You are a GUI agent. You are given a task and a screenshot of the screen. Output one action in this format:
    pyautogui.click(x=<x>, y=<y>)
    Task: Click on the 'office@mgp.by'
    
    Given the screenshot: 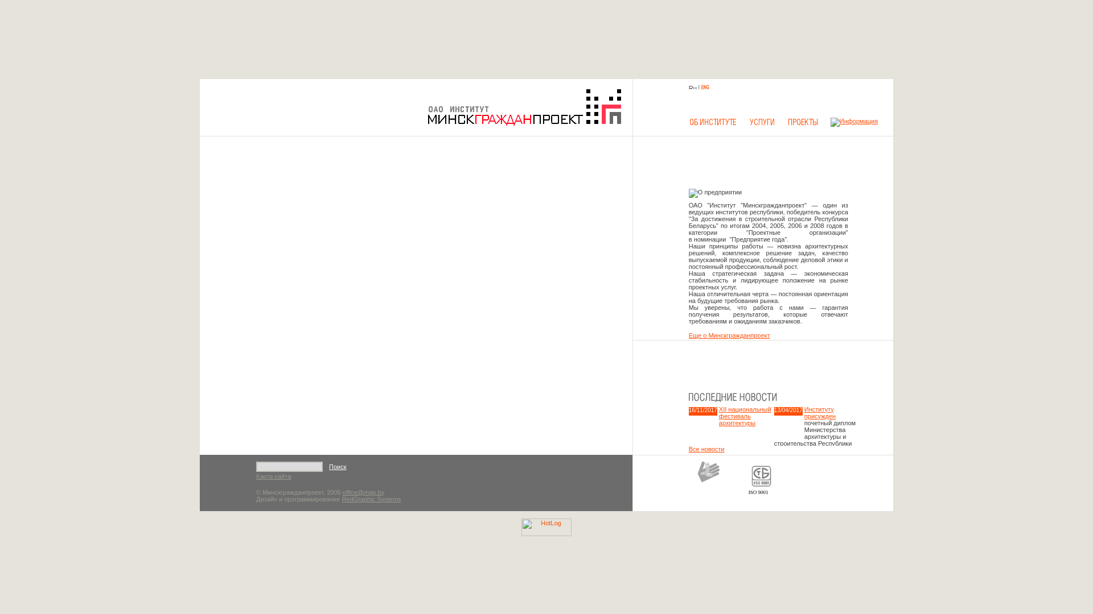 What is the action you would take?
    pyautogui.click(x=363, y=492)
    